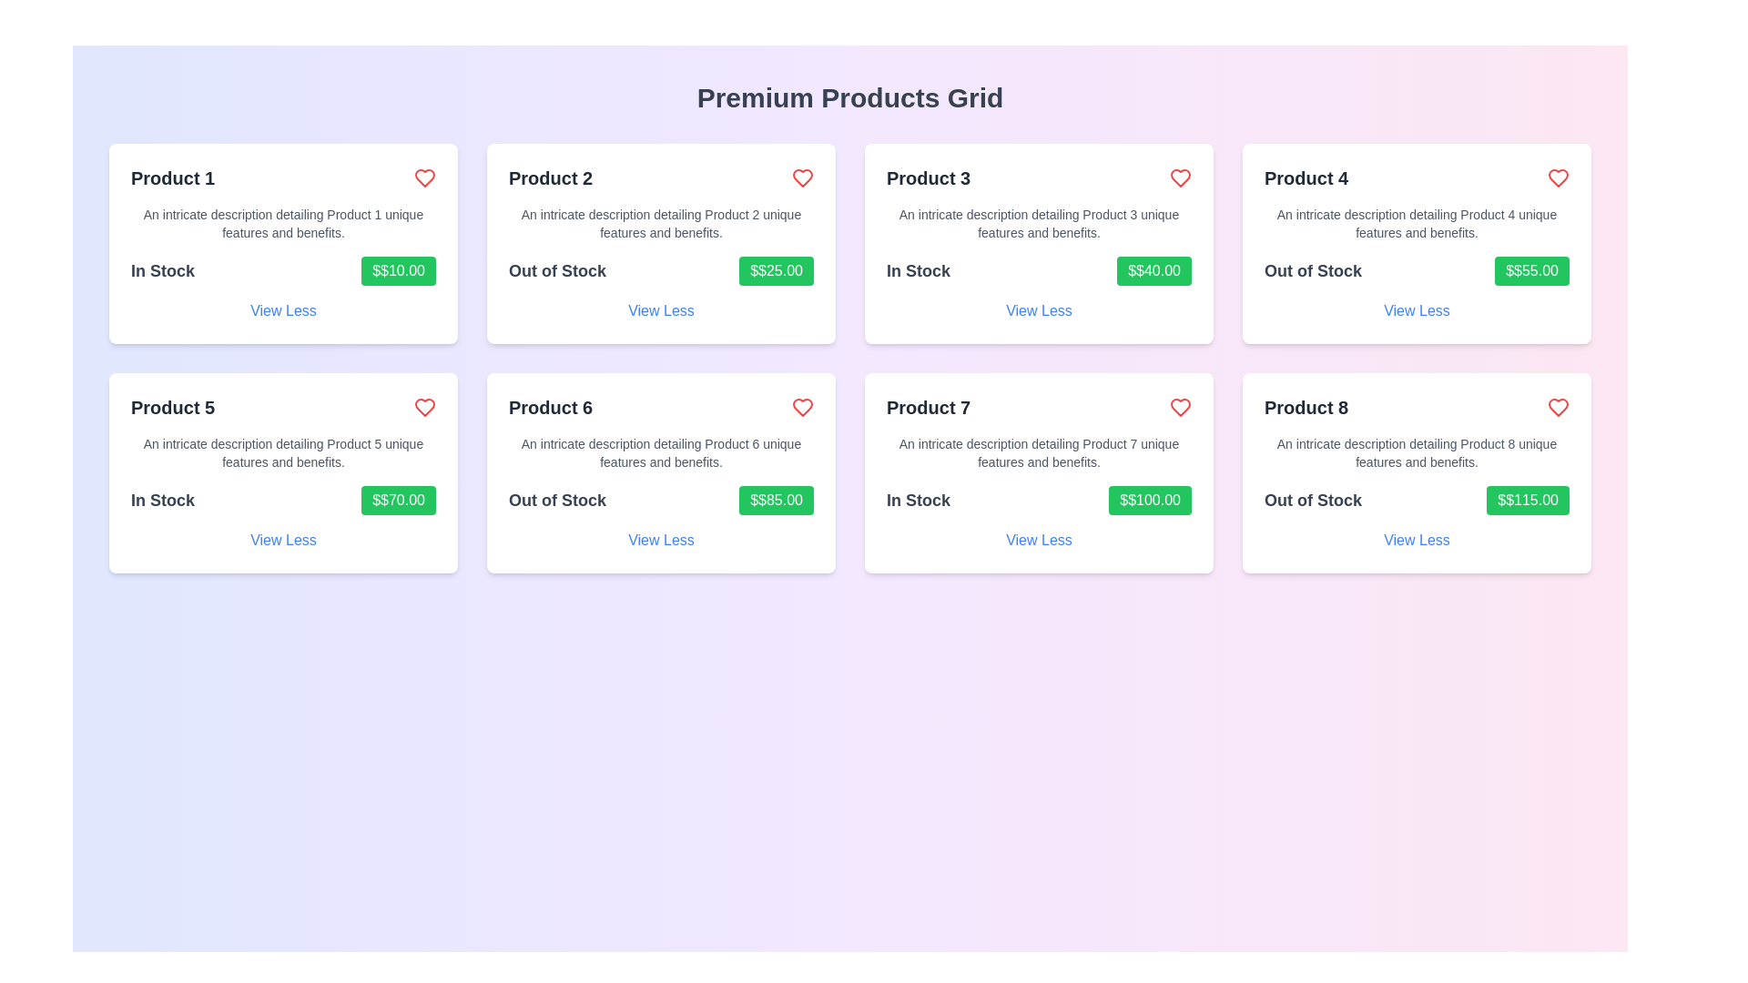 The width and height of the screenshot is (1748, 983). I want to click on the green button displaying the amount '$$85.00', so click(777, 501).